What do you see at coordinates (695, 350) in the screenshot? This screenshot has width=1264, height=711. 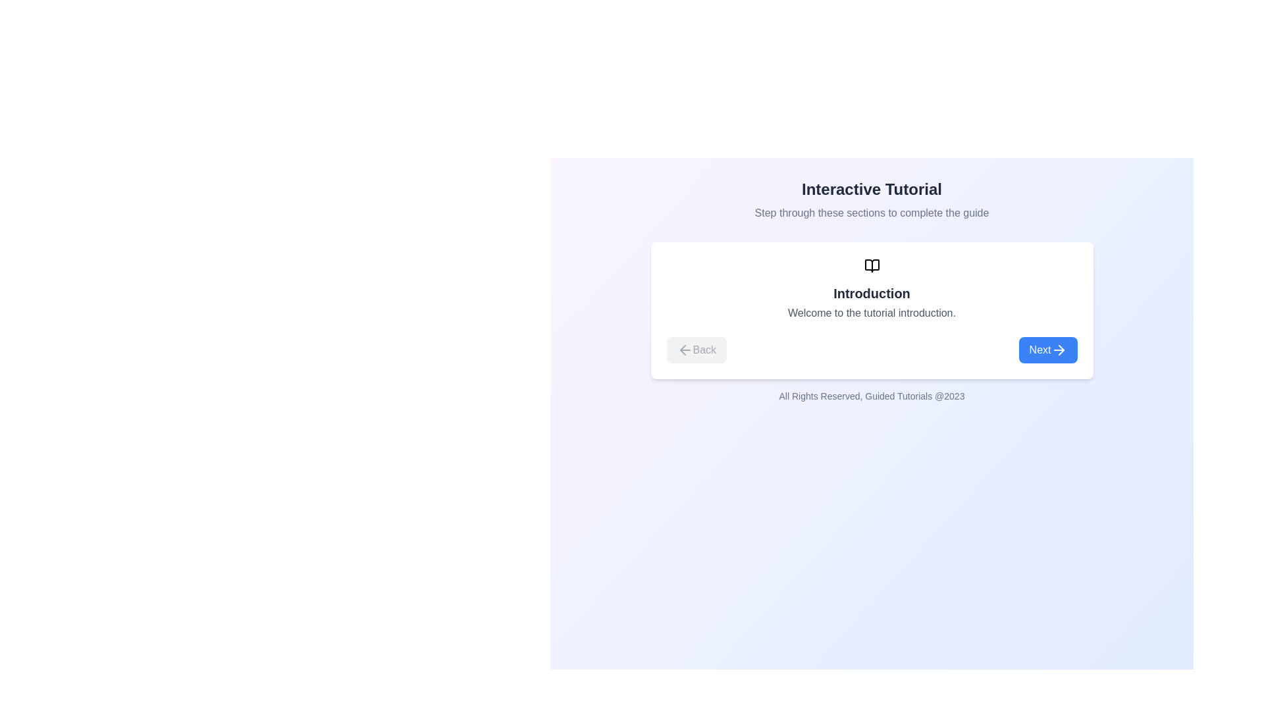 I see `the 'Back' button to navigate to the previous step` at bounding box center [695, 350].